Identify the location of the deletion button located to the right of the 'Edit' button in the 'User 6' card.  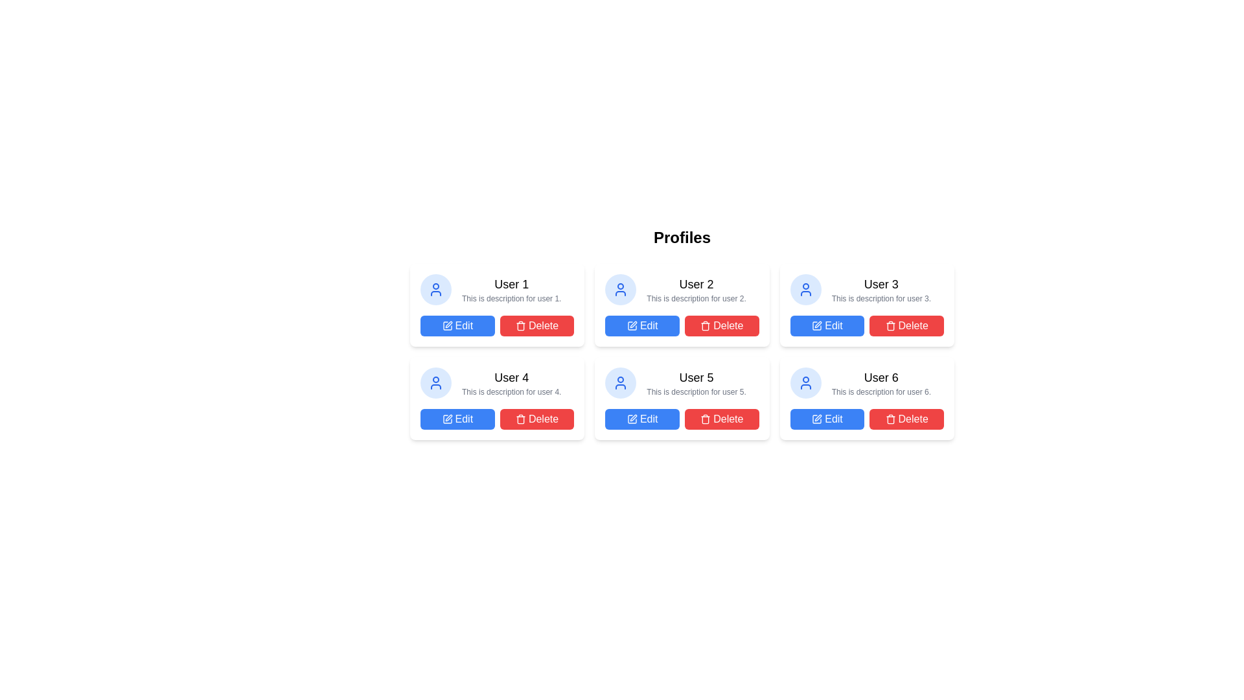
(906, 419).